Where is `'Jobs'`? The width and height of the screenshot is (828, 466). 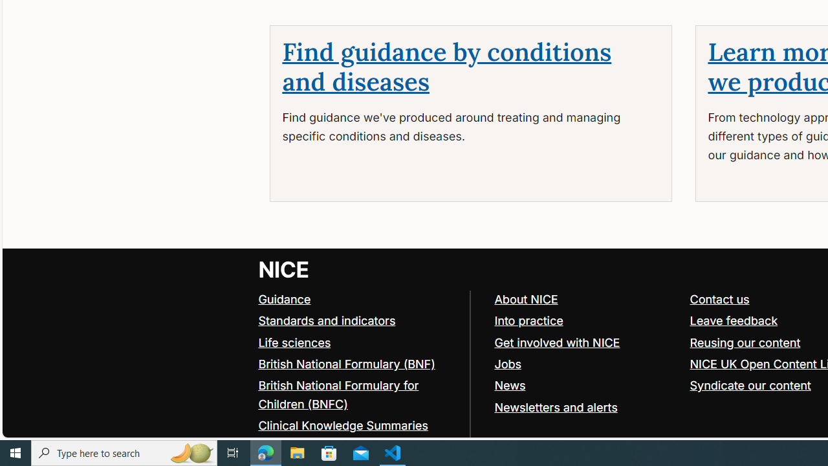
'Jobs' is located at coordinates (507, 363).